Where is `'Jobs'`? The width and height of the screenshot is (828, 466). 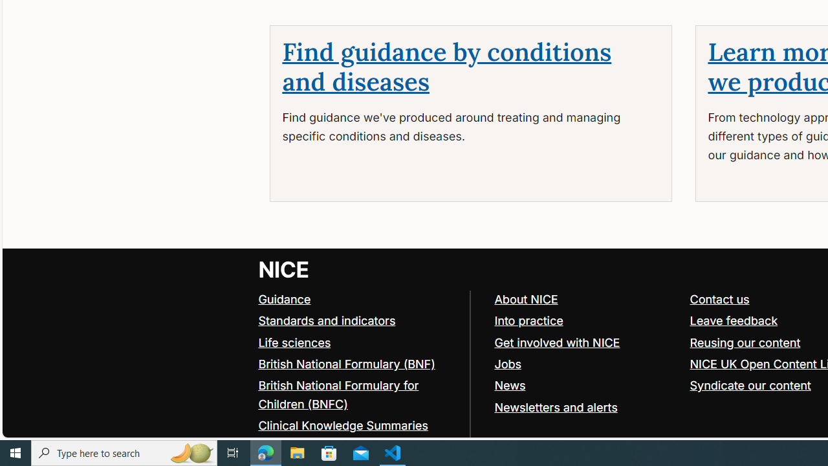
'Jobs' is located at coordinates (507, 363).